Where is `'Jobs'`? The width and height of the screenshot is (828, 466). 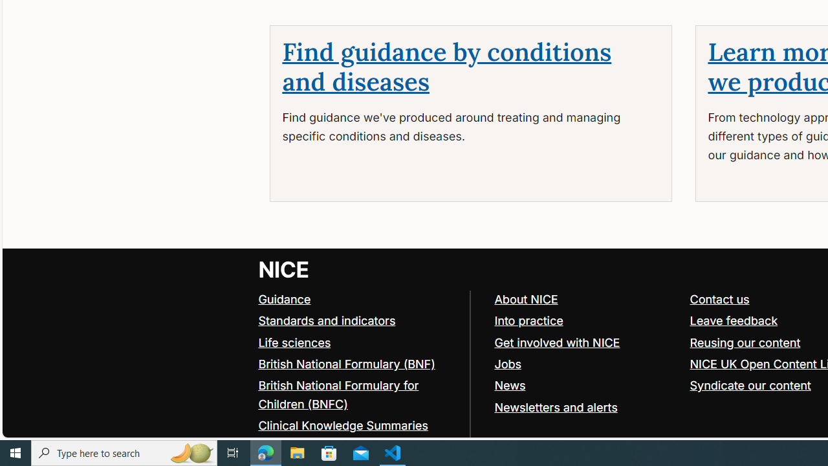
'Jobs' is located at coordinates (507, 363).